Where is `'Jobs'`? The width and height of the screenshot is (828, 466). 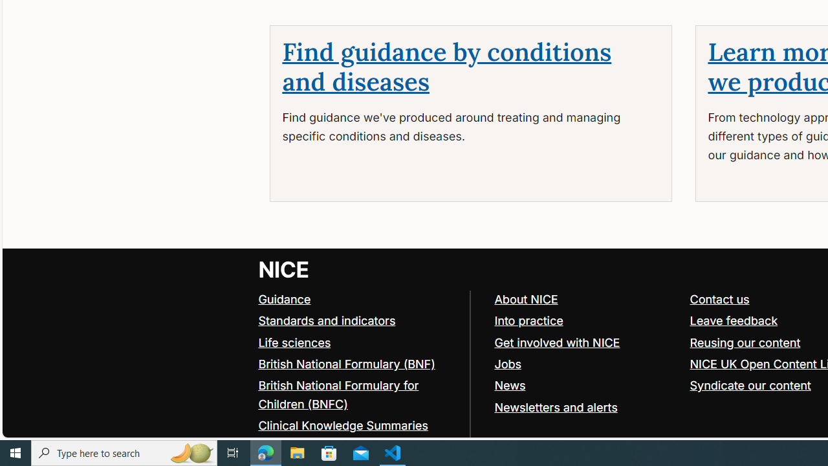
'Jobs' is located at coordinates (507, 363).